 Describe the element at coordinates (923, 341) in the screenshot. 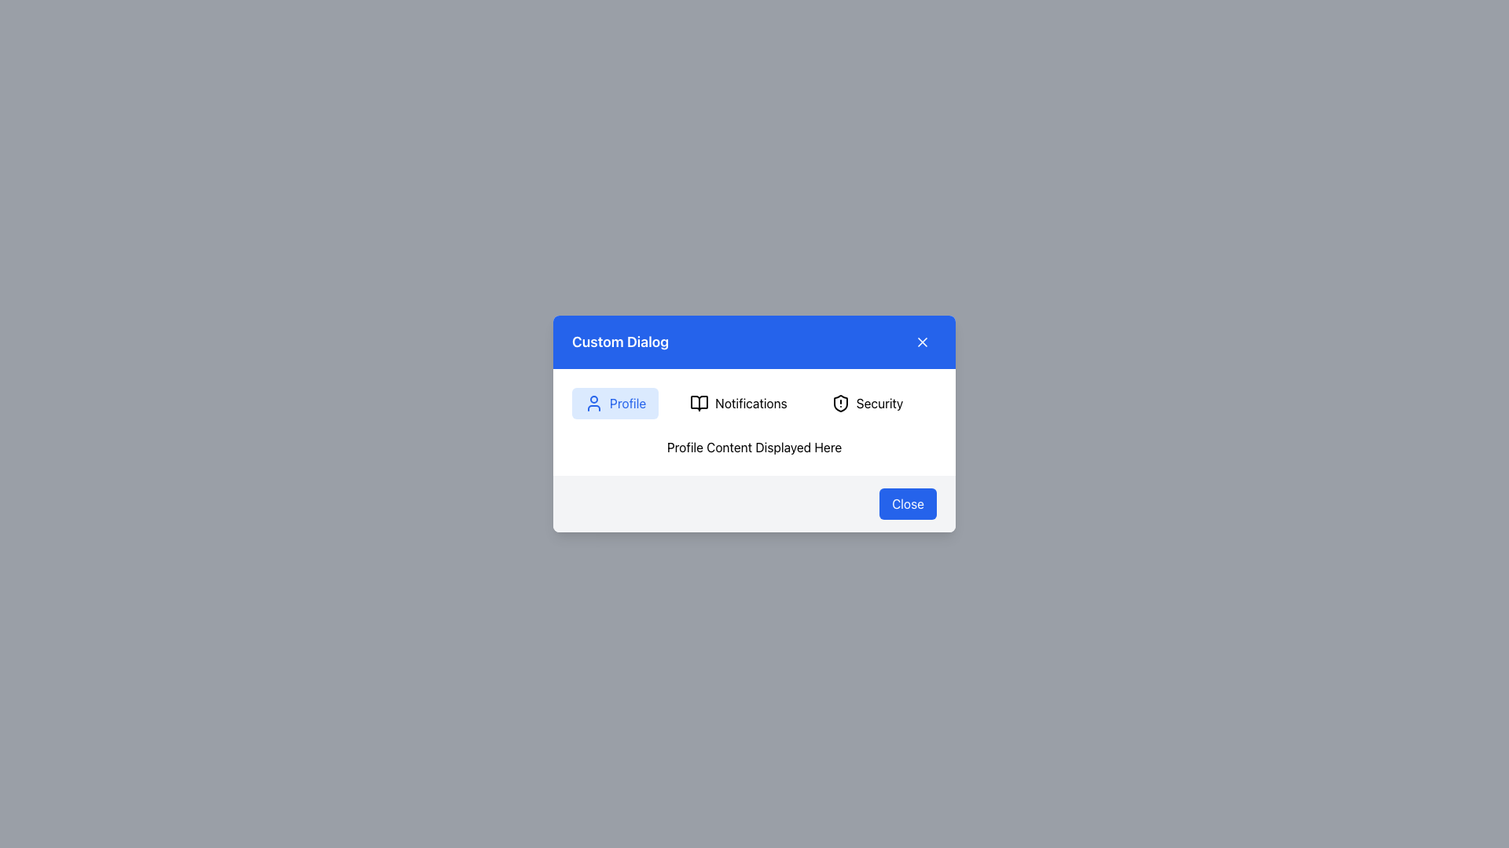

I see `the close button located at the top-right corner of the 'Custom Dialog' to observe the hover effects` at that location.